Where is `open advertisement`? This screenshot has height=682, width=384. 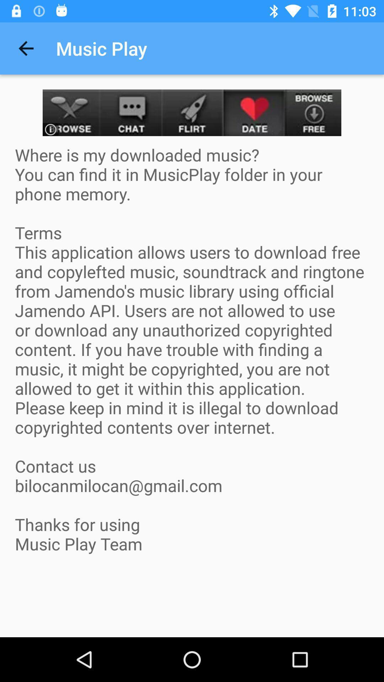
open advertisement is located at coordinates (192, 112).